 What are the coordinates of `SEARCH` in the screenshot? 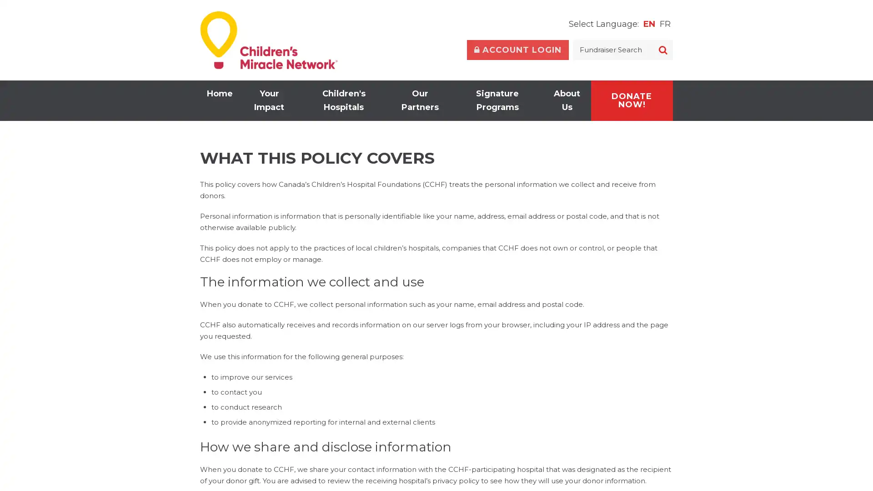 It's located at (662, 50).